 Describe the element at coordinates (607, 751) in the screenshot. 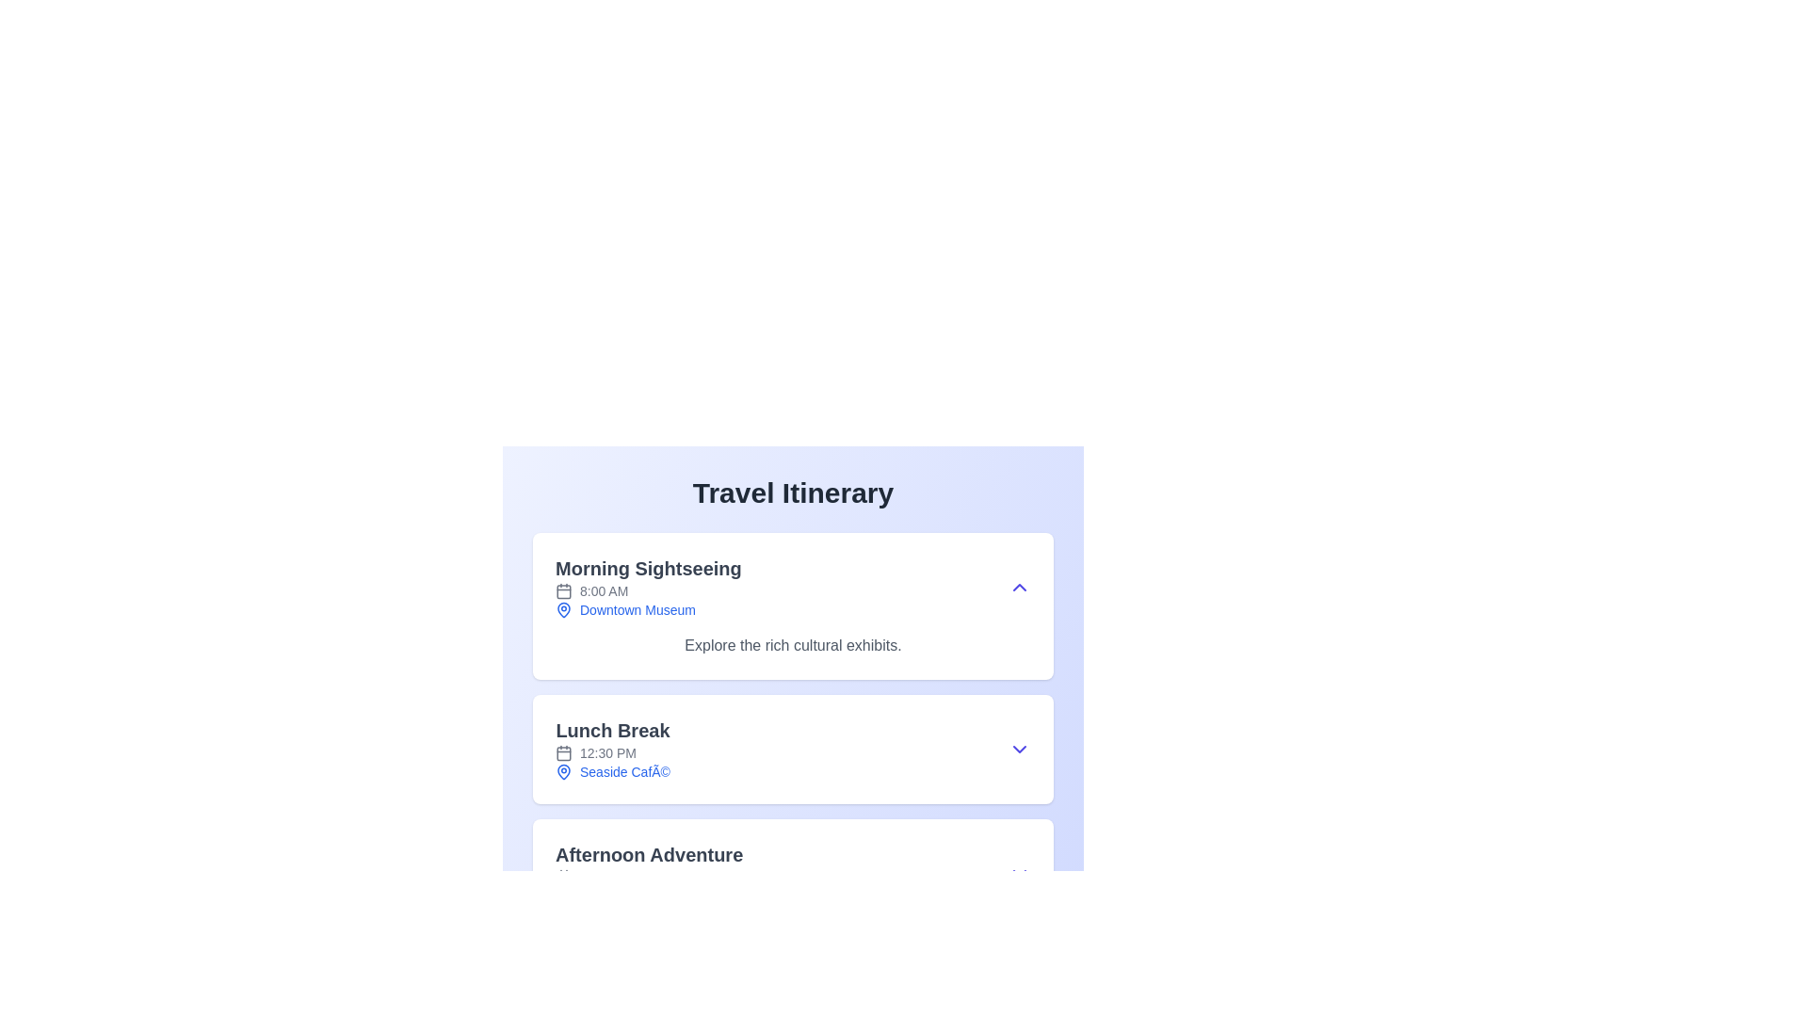

I see `time displayed in the 'Lunch Break' section of the itinerary, which is next to the small calendar icon` at that location.